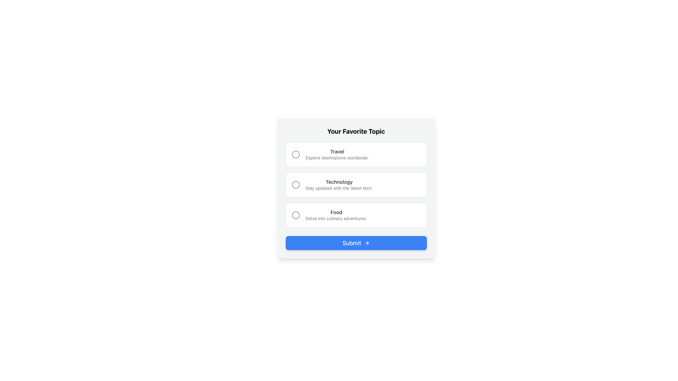  What do you see at coordinates (339, 182) in the screenshot?
I see `the 'Technology' text label, which serves as the title of a selectable option in the middle of the selection panel` at bounding box center [339, 182].